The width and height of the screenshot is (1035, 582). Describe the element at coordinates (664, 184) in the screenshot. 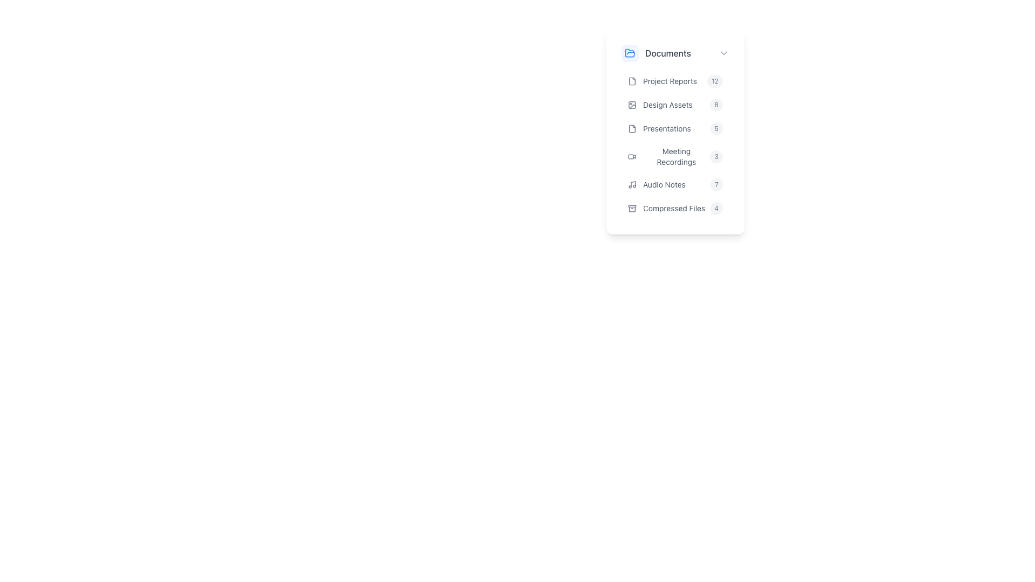

I see `the 'Audio Notes' text label` at that location.